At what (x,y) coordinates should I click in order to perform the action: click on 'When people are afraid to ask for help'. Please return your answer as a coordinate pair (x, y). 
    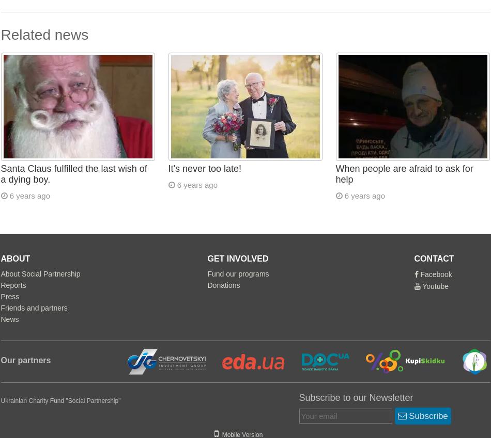
    Looking at the image, I should click on (404, 174).